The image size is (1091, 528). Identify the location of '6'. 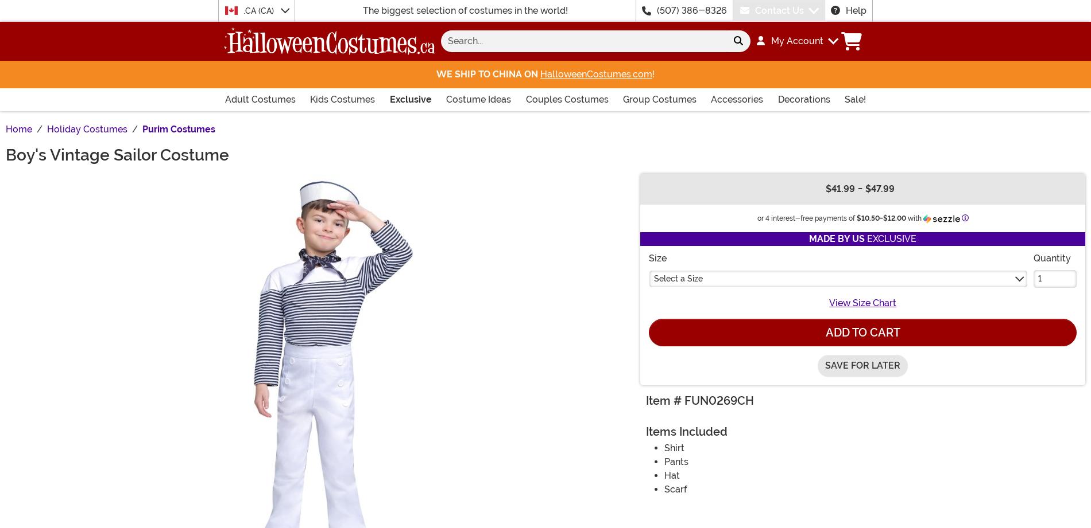
(296, 131).